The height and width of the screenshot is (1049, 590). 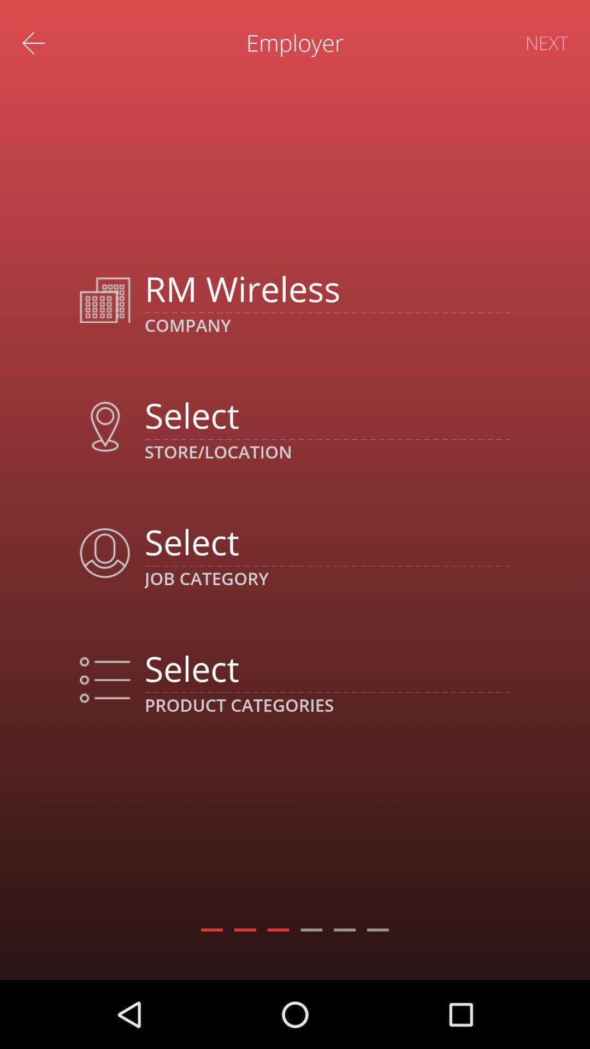 I want to click on location option, so click(x=327, y=414).